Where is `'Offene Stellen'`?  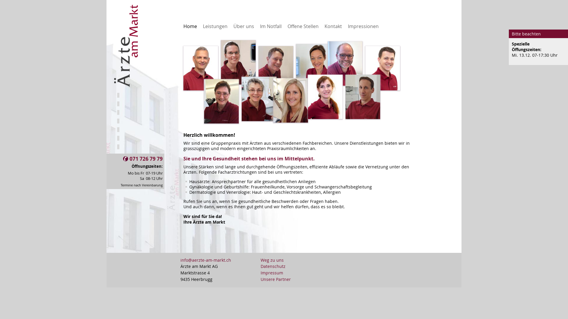 'Offene Stellen' is located at coordinates (284, 26).